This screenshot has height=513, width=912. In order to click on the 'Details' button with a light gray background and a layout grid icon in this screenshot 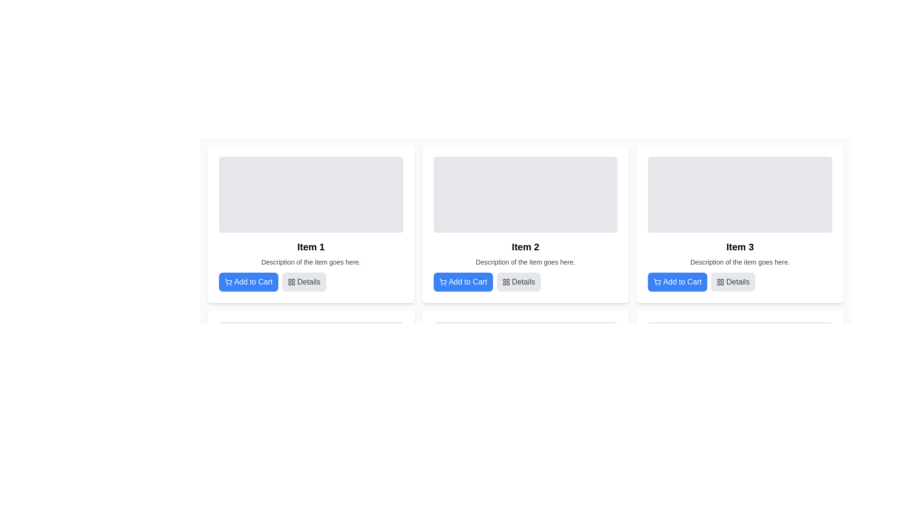, I will do `click(311, 282)`.